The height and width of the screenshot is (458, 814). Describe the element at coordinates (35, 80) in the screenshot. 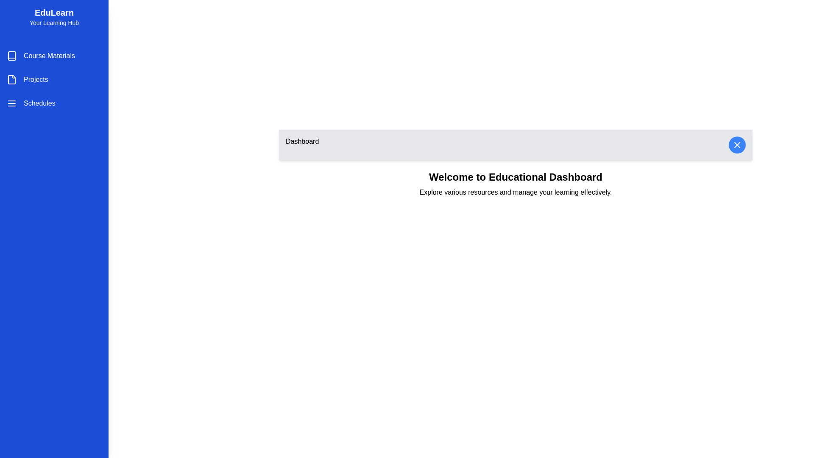

I see `the 'Projects' text label in the sidebar menu` at that location.